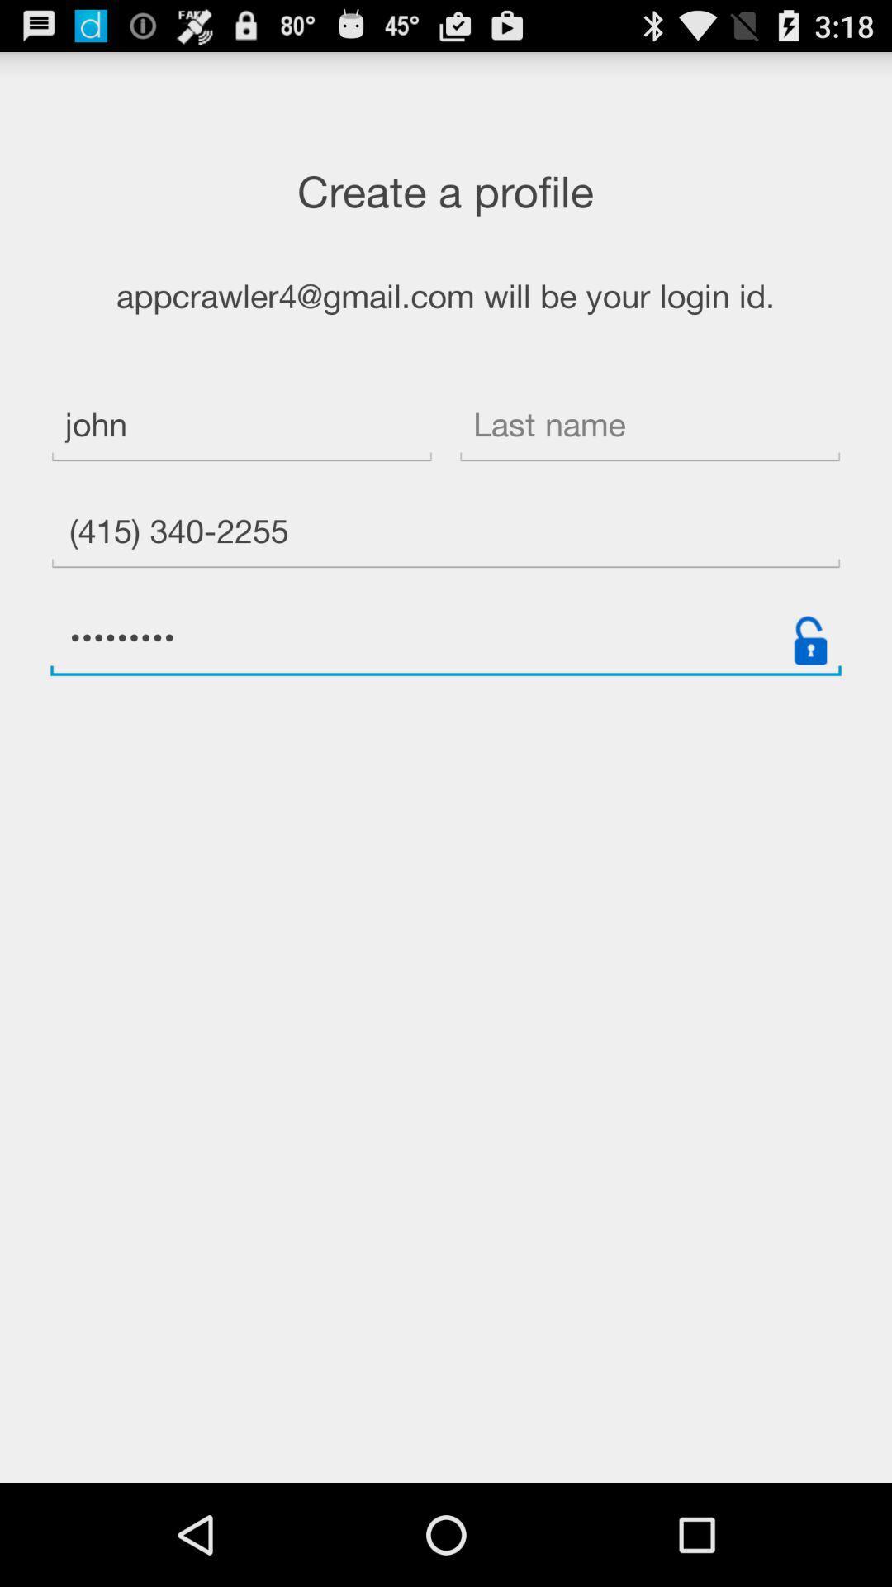 The image size is (892, 1587). I want to click on icon above the (415) 340-2255, so click(649, 427).